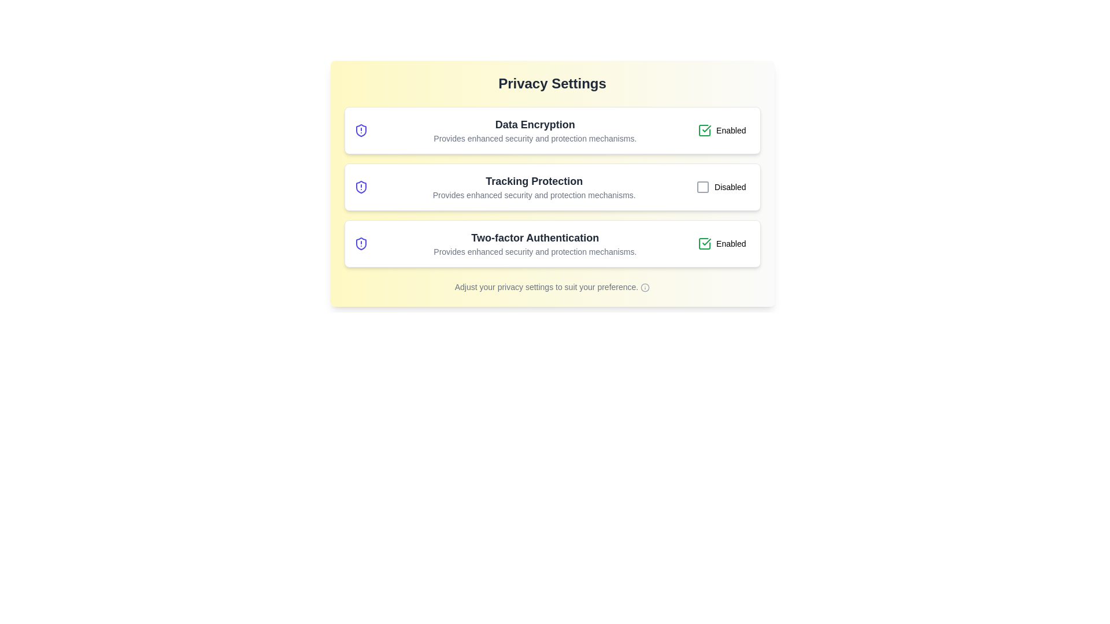  I want to click on the checkbox labeled 'Disabled' located in the 'Tracking Protection' settings section, so click(720, 187).